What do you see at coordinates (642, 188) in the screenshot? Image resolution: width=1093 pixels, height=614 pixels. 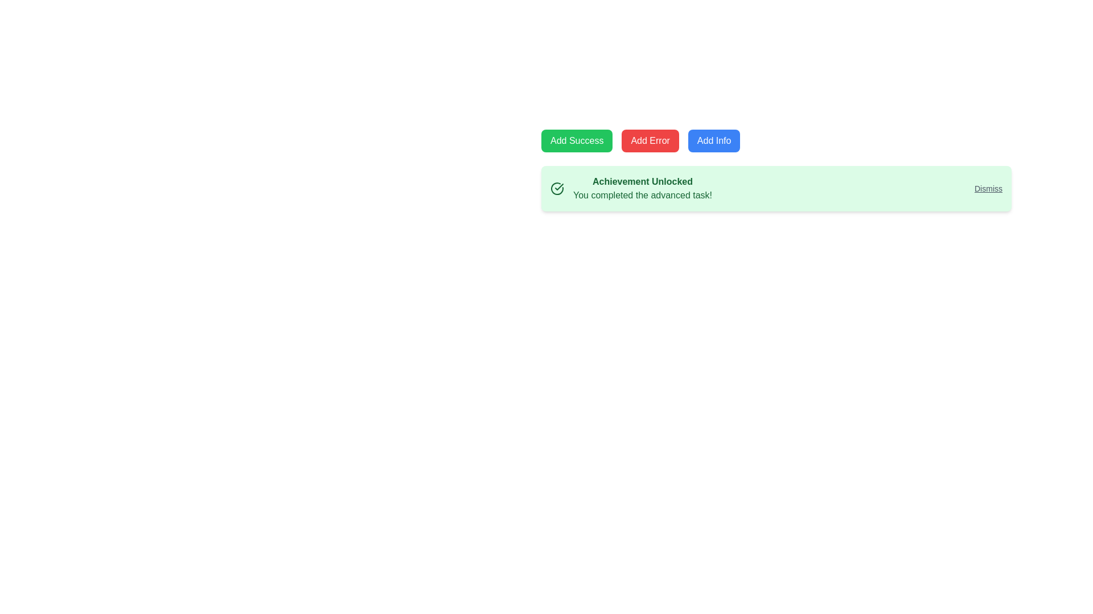 I see `the text label that provides feedback about accomplishments, located in the center of a green notification card, between a checkmark icon and a 'Dismiss' link` at bounding box center [642, 188].